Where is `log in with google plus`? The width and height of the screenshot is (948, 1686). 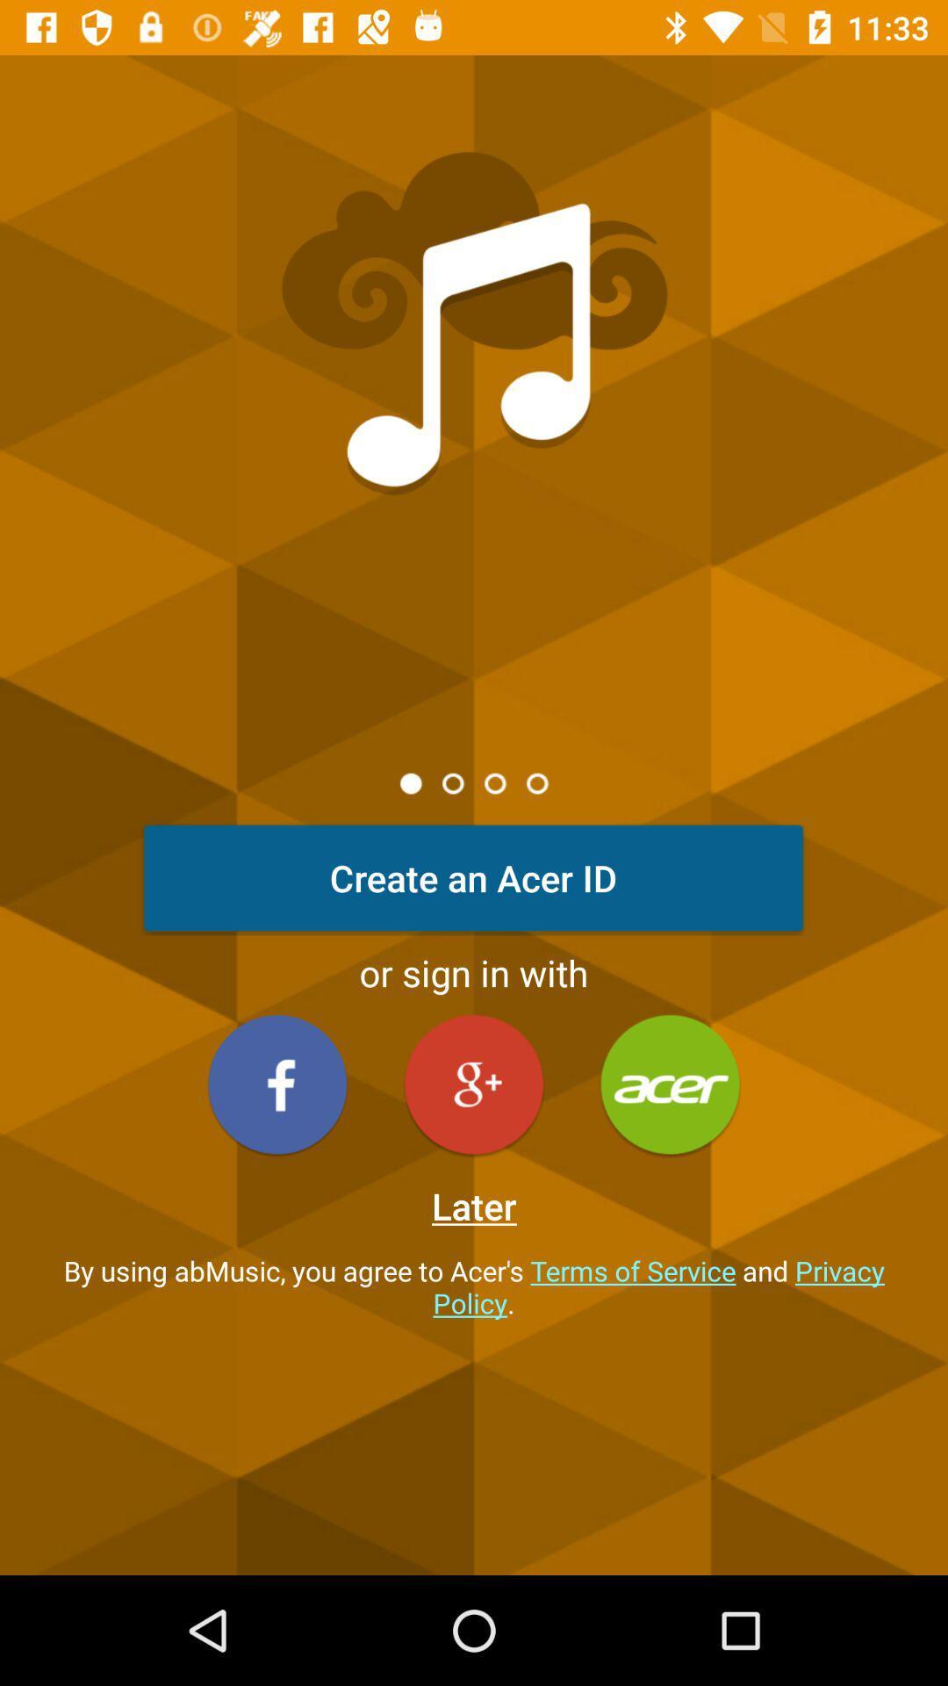
log in with google plus is located at coordinates (474, 1084).